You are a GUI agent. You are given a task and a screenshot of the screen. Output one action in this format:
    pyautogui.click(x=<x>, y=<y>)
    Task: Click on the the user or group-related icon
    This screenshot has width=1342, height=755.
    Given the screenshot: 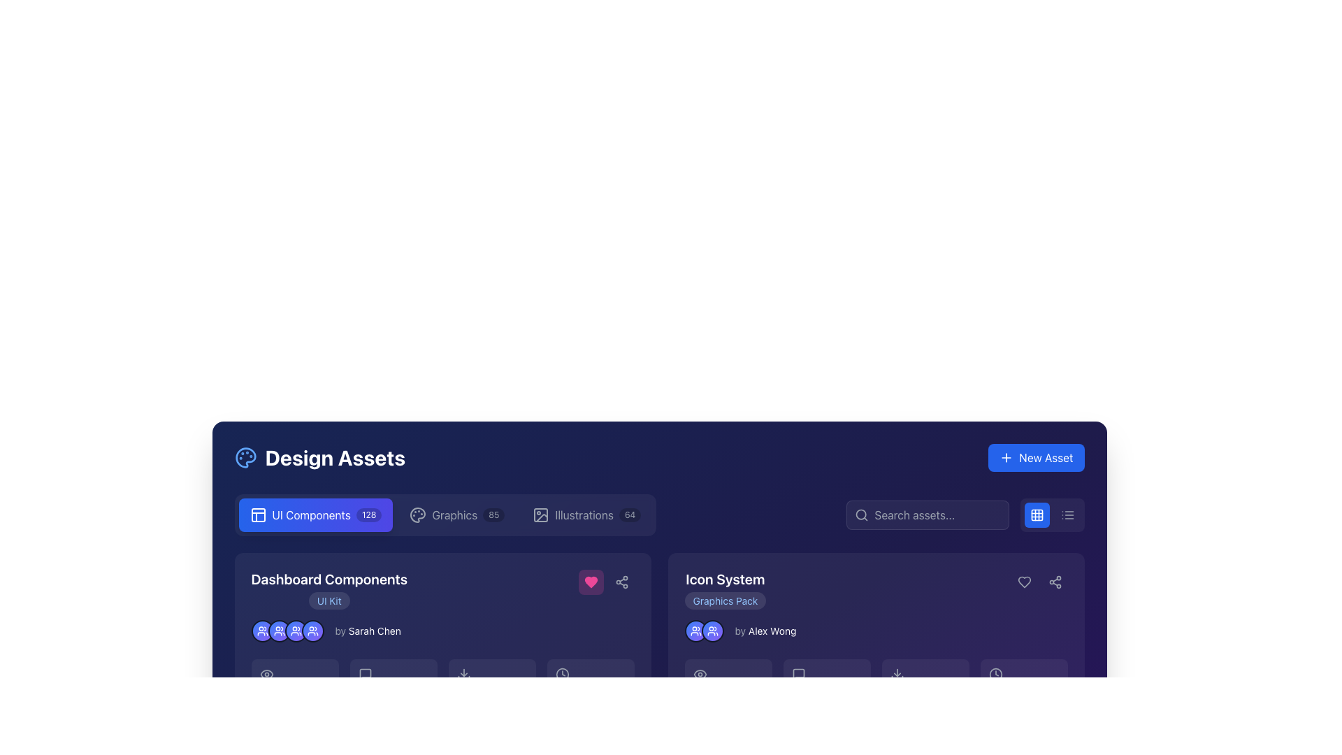 What is the action you would take?
    pyautogui.click(x=712, y=631)
    